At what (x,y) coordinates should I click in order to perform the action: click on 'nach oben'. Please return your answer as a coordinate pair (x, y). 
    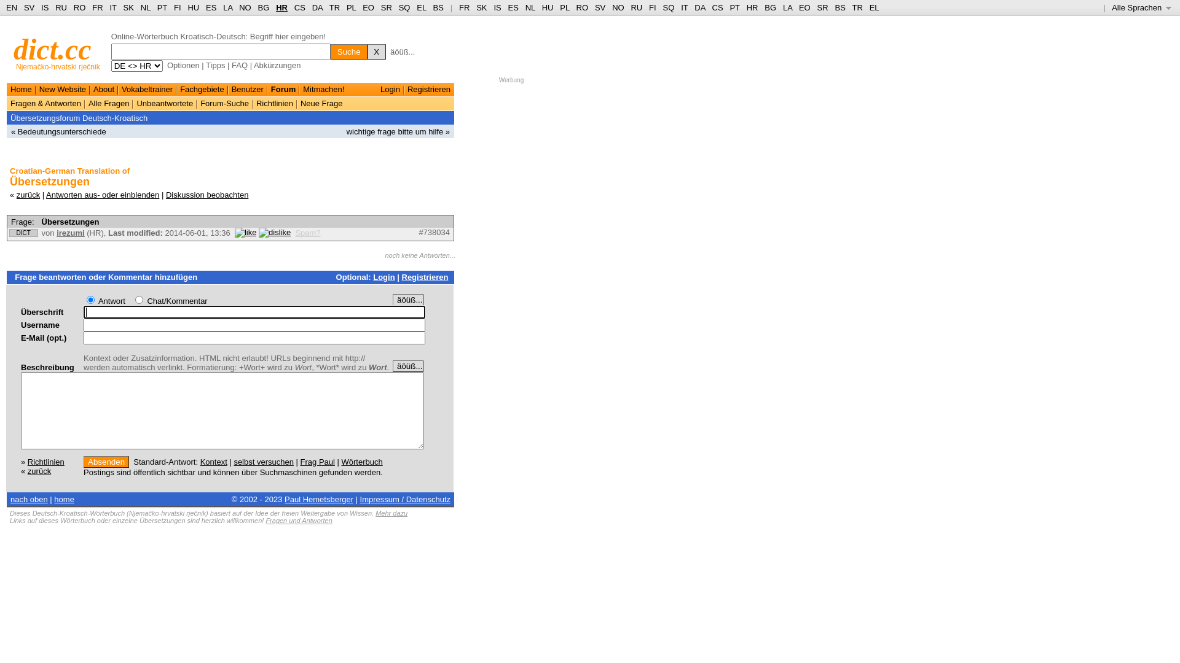
    Looking at the image, I should click on (29, 499).